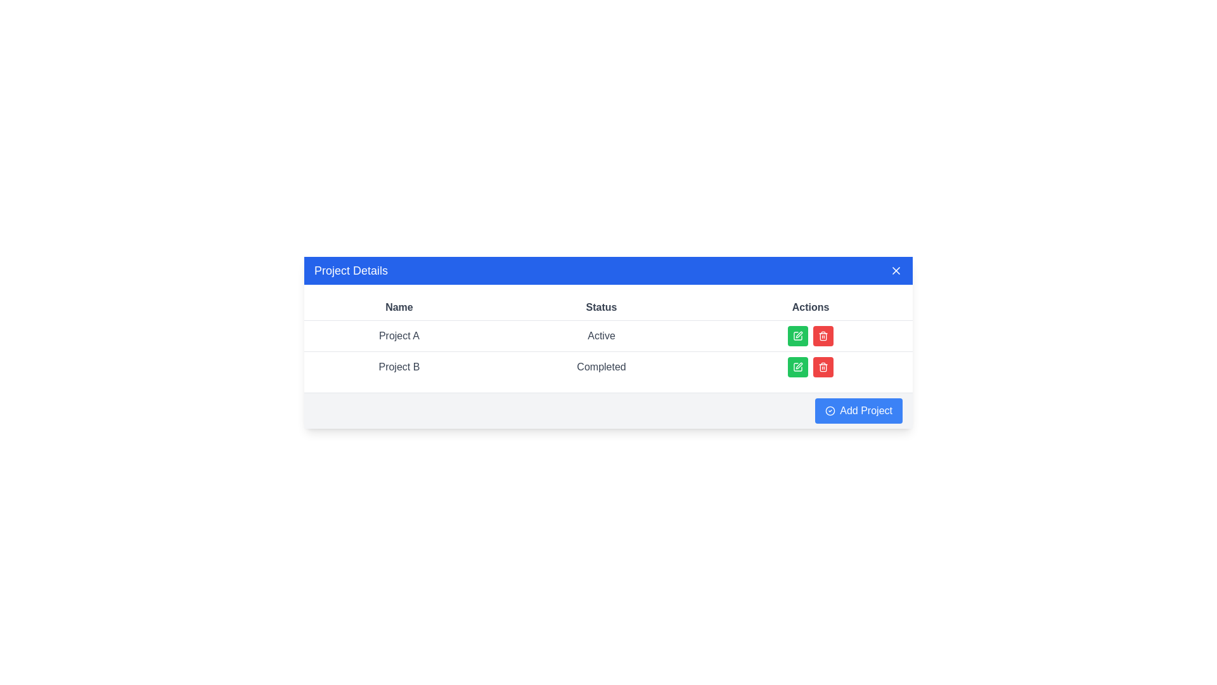 The height and width of the screenshot is (685, 1217). Describe the element at coordinates (398, 335) in the screenshot. I see `the text label for 'Project A' located in the first cell of the 'Name' column in the Project Details table` at that location.